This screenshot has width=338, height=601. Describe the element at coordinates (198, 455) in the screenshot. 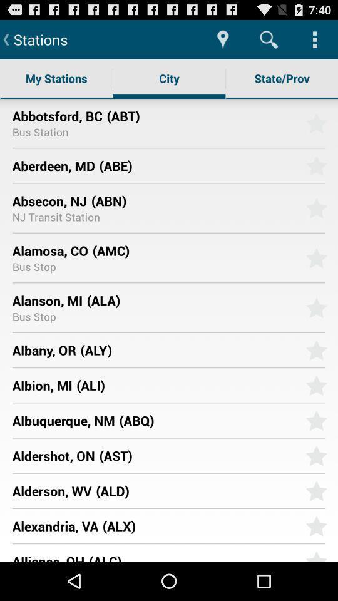

I see `the icon to the right of the aldershot, on item` at that location.